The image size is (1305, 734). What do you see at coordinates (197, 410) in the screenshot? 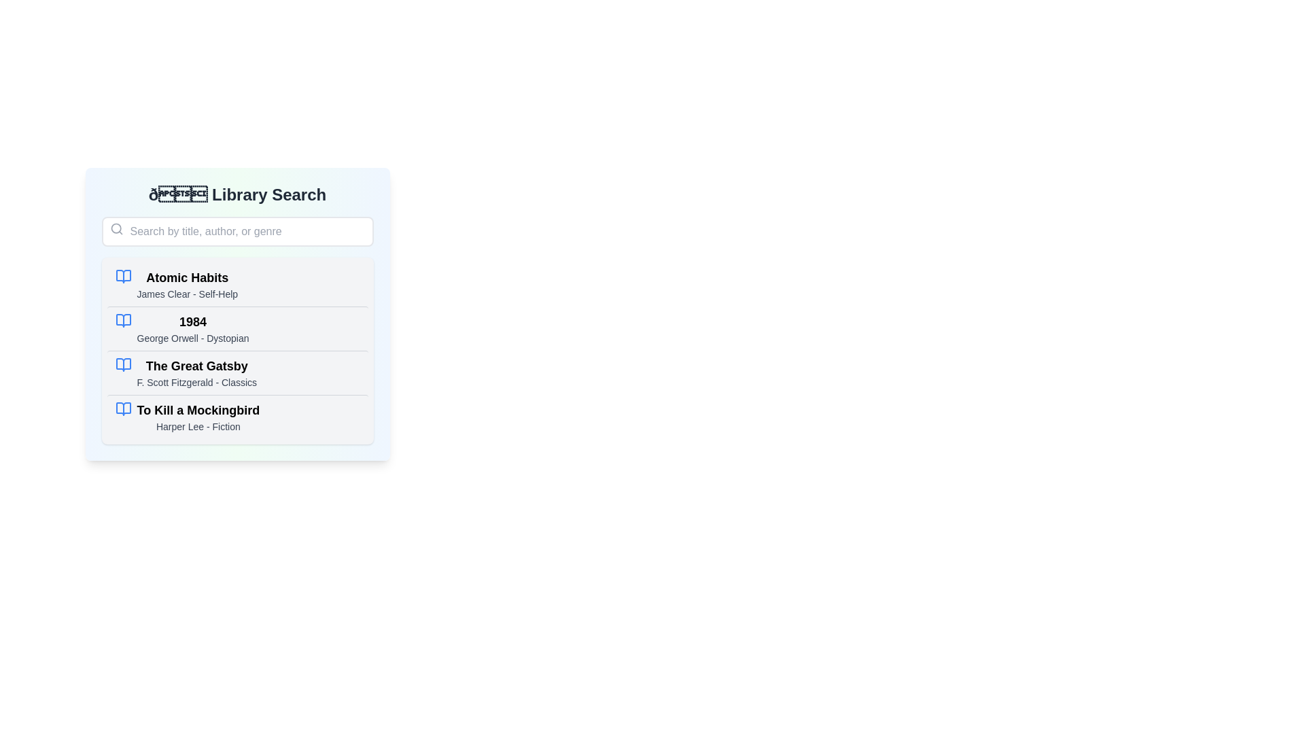
I see `the title text 'To Kill a Mockingbird' located in the fourth book entry` at bounding box center [197, 410].